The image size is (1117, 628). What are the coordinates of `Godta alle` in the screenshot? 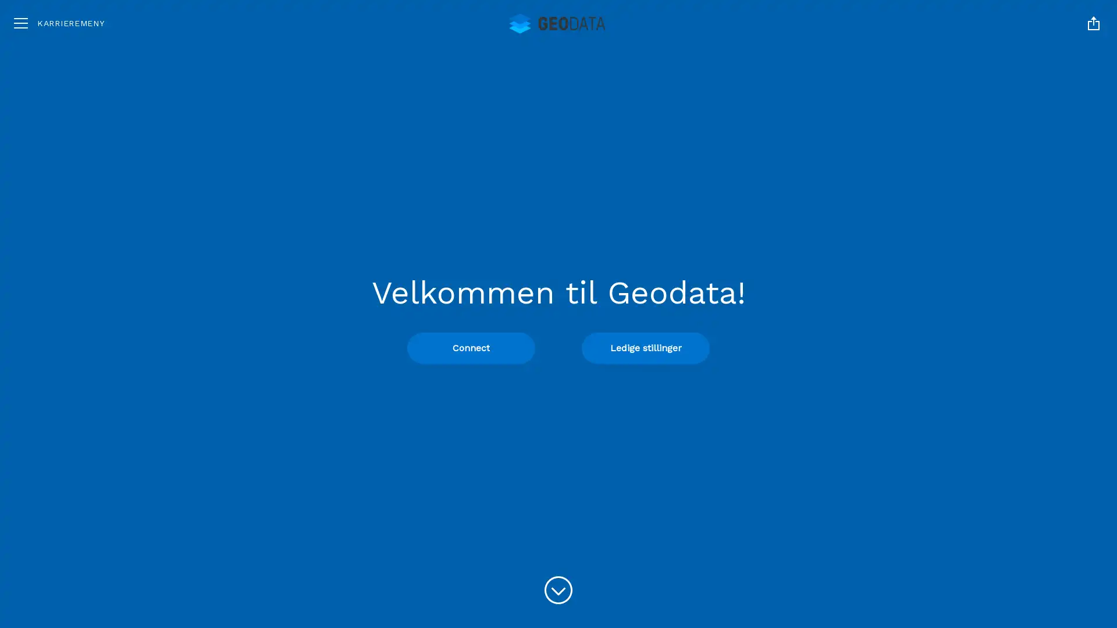 It's located at (984, 495).